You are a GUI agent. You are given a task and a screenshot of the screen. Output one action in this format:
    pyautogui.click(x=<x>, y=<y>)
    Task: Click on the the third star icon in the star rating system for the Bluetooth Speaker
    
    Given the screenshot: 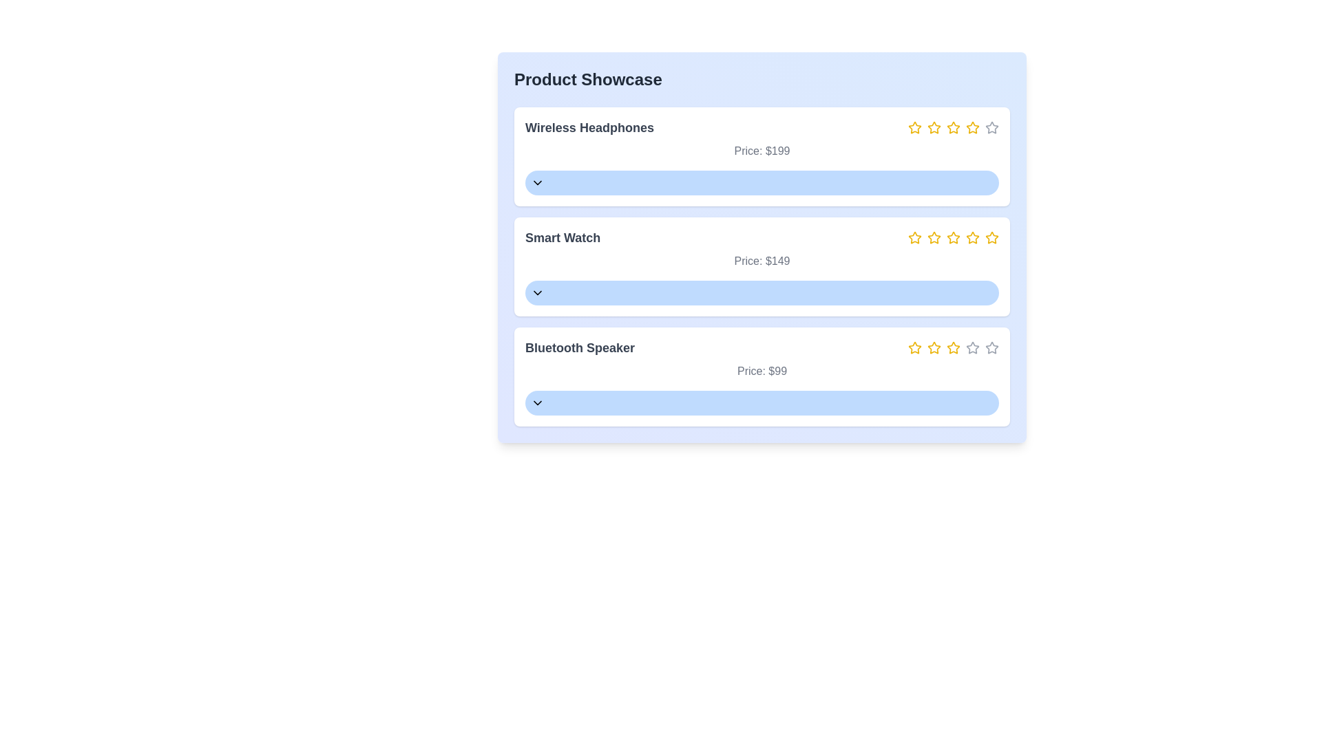 What is the action you would take?
    pyautogui.click(x=934, y=347)
    